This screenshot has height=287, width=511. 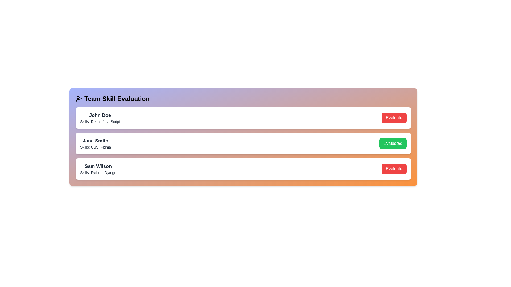 What do you see at coordinates (98, 169) in the screenshot?
I see `the text display element showing 'Sam Wilson' and their associated skills 'Python, Django' to focus on this informational display` at bounding box center [98, 169].